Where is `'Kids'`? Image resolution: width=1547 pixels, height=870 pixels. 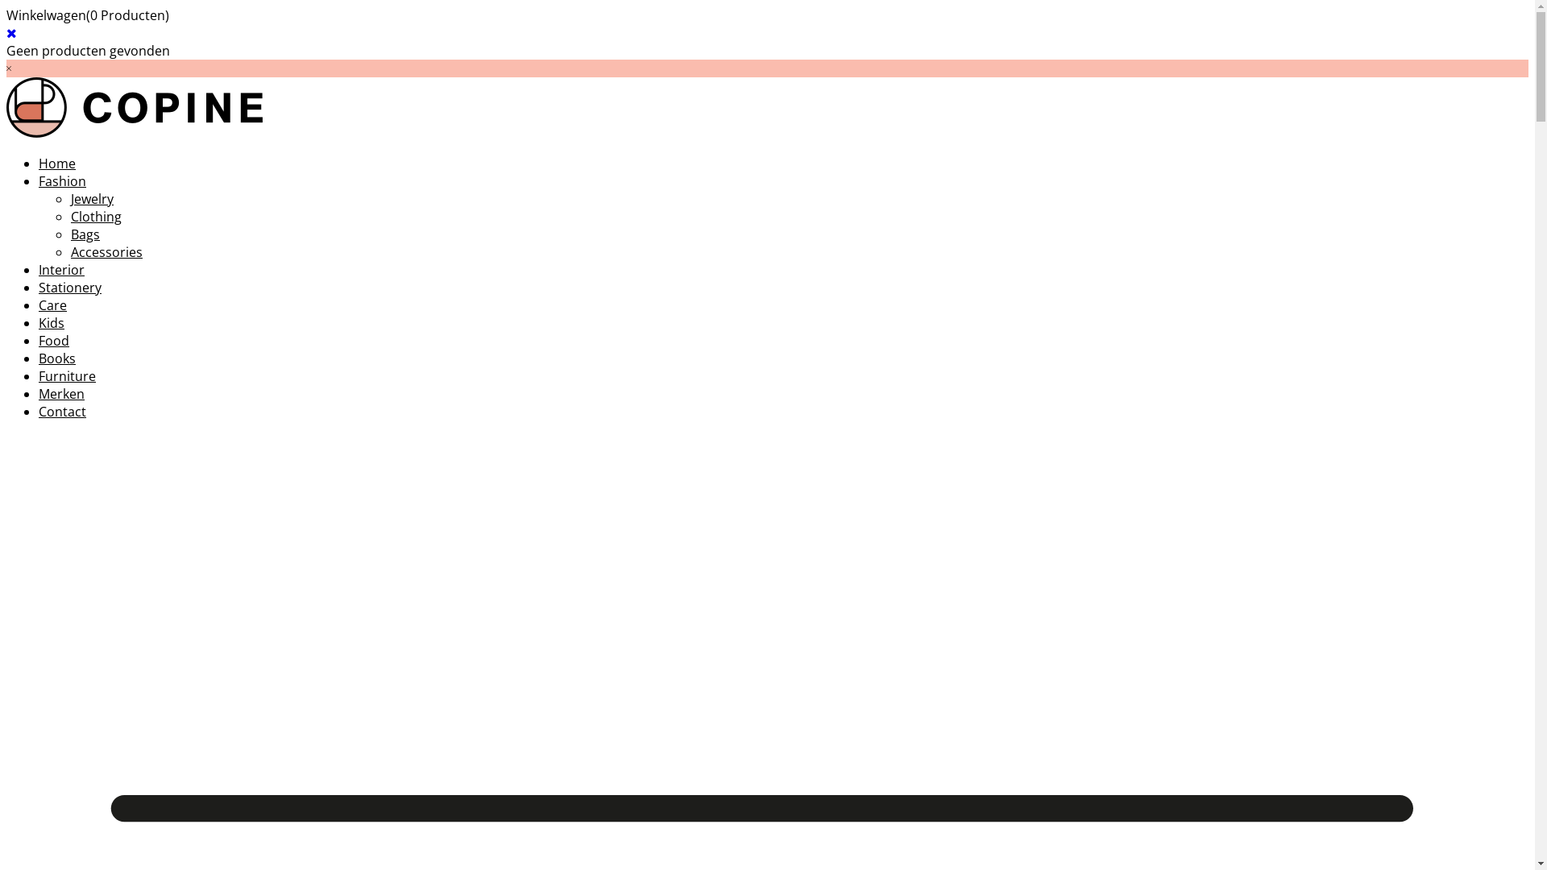
'Kids' is located at coordinates (39, 323).